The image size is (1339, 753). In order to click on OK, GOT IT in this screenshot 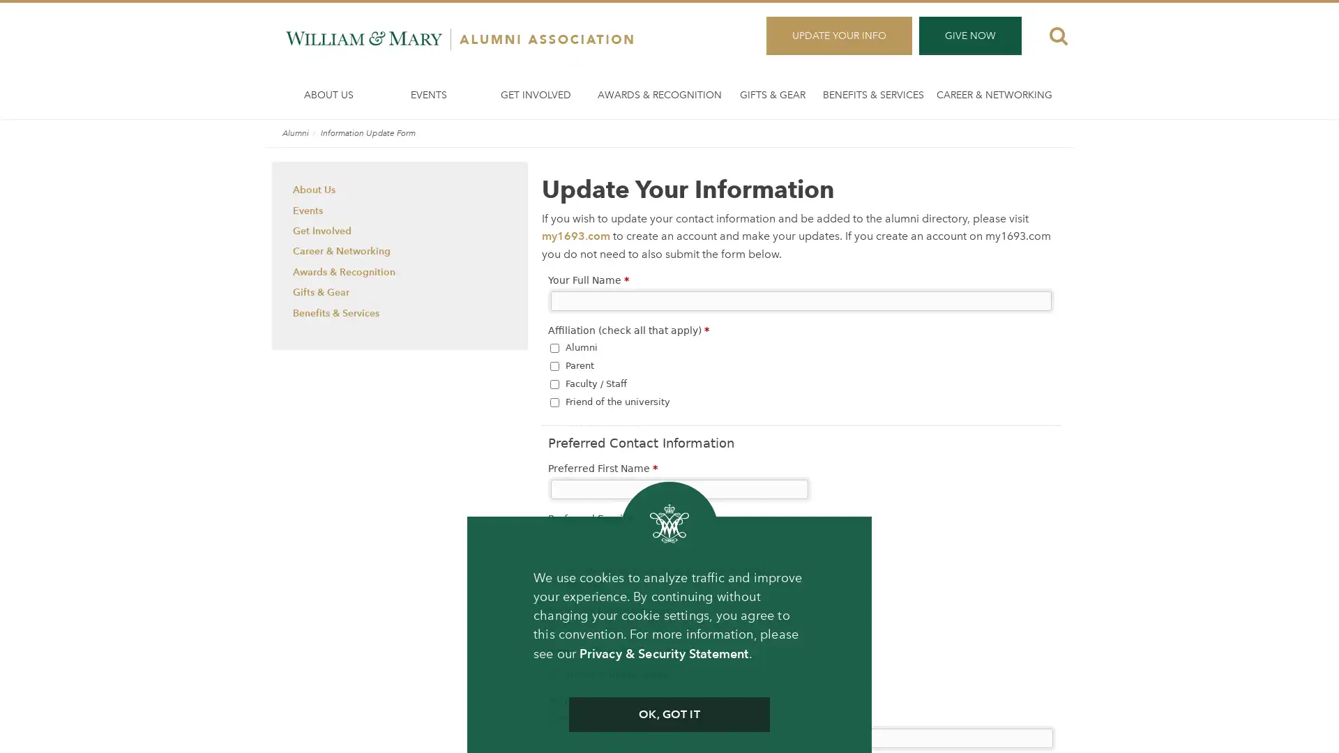, I will do `click(668, 715)`.